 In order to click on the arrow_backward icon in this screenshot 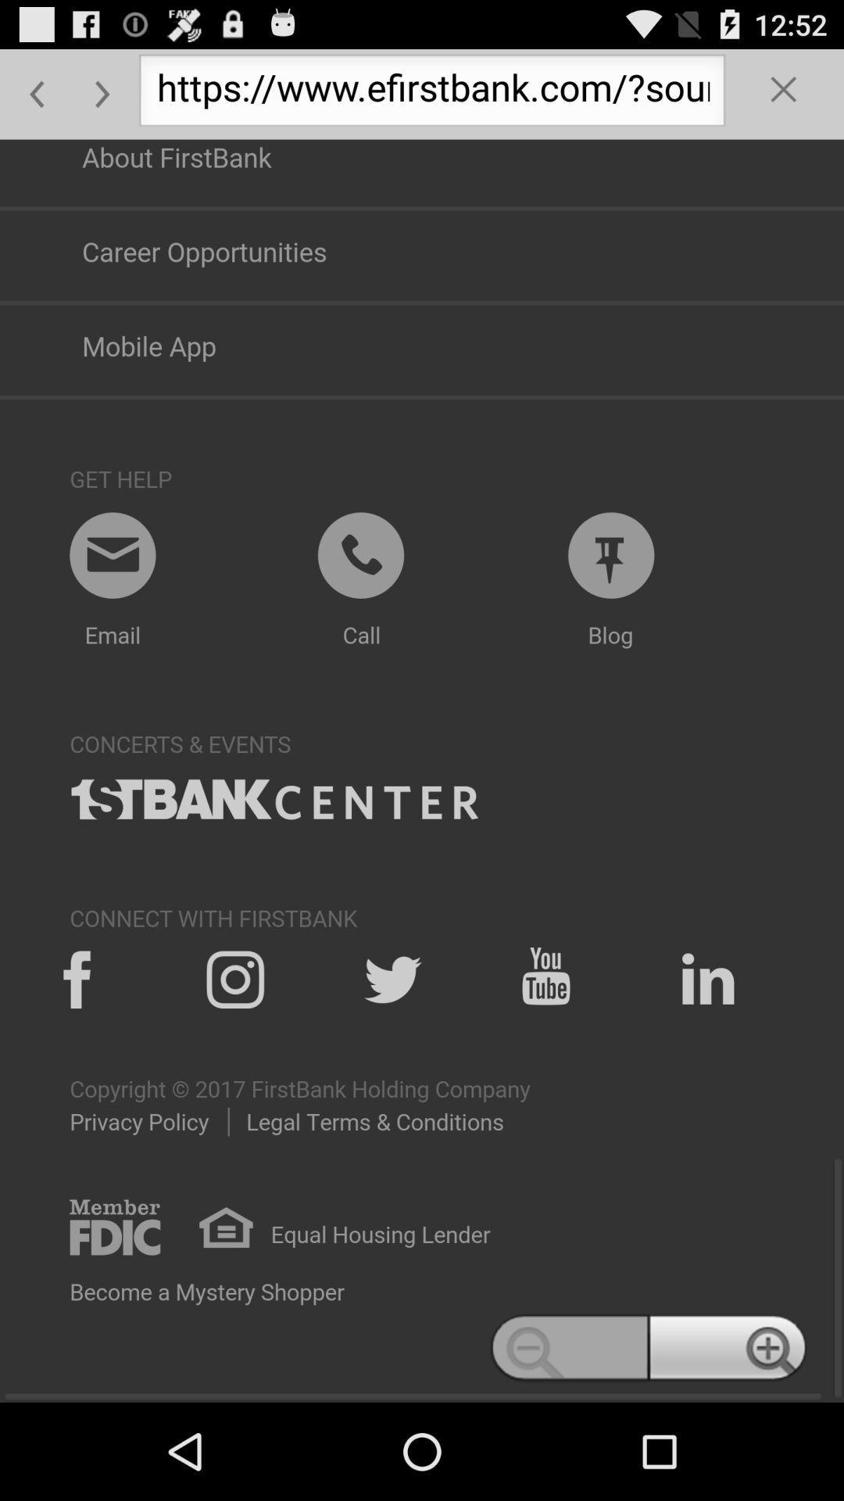, I will do `click(36, 100)`.